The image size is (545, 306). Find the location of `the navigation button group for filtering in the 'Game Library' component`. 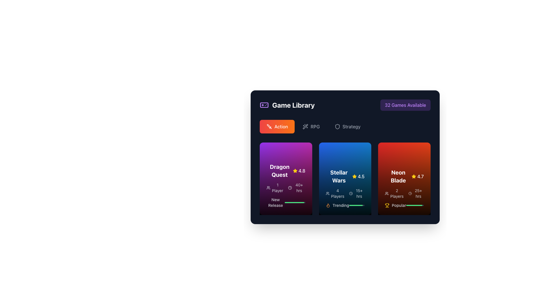

the navigation button group for filtering in the 'Game Library' component is located at coordinates (345, 126).